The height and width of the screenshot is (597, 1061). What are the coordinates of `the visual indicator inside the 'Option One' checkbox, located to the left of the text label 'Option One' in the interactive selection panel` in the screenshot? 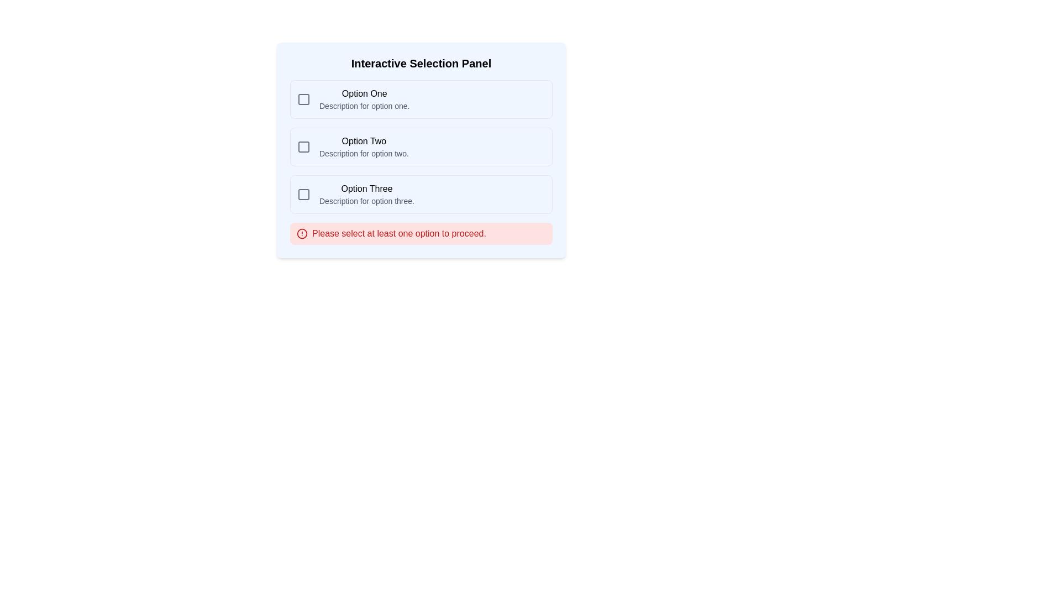 It's located at (304, 99).